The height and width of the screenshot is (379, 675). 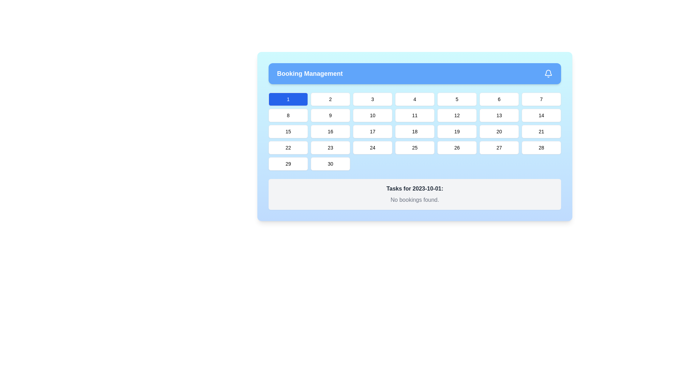 What do you see at coordinates (330, 131) in the screenshot?
I see `the interactive button for selecting the date (16th) in the calendar interface, located in the third row and second column of the grid` at bounding box center [330, 131].